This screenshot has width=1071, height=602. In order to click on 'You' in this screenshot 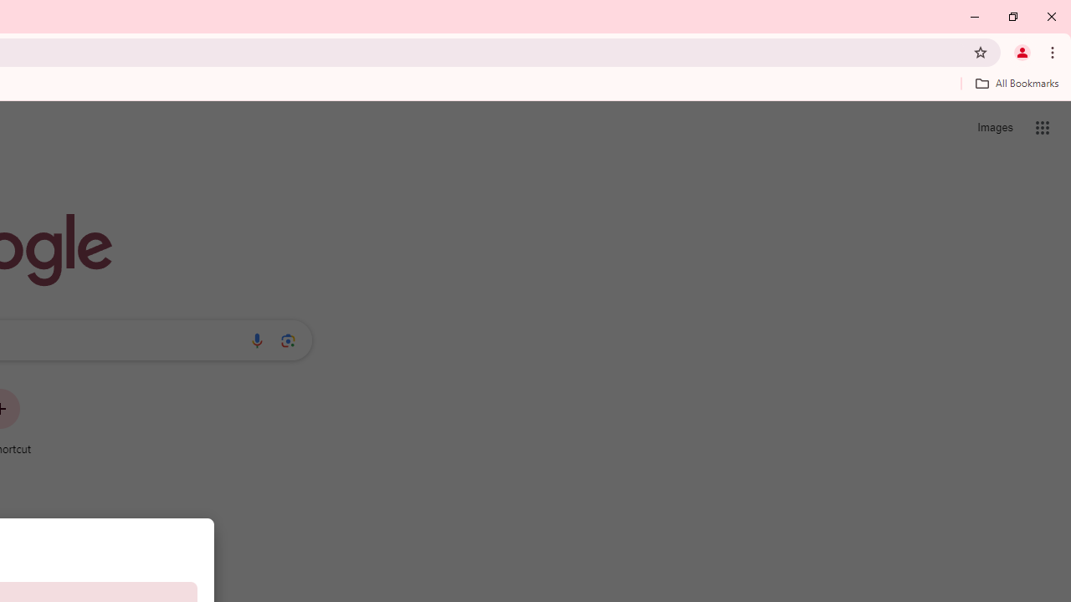, I will do `click(1021, 51)`.